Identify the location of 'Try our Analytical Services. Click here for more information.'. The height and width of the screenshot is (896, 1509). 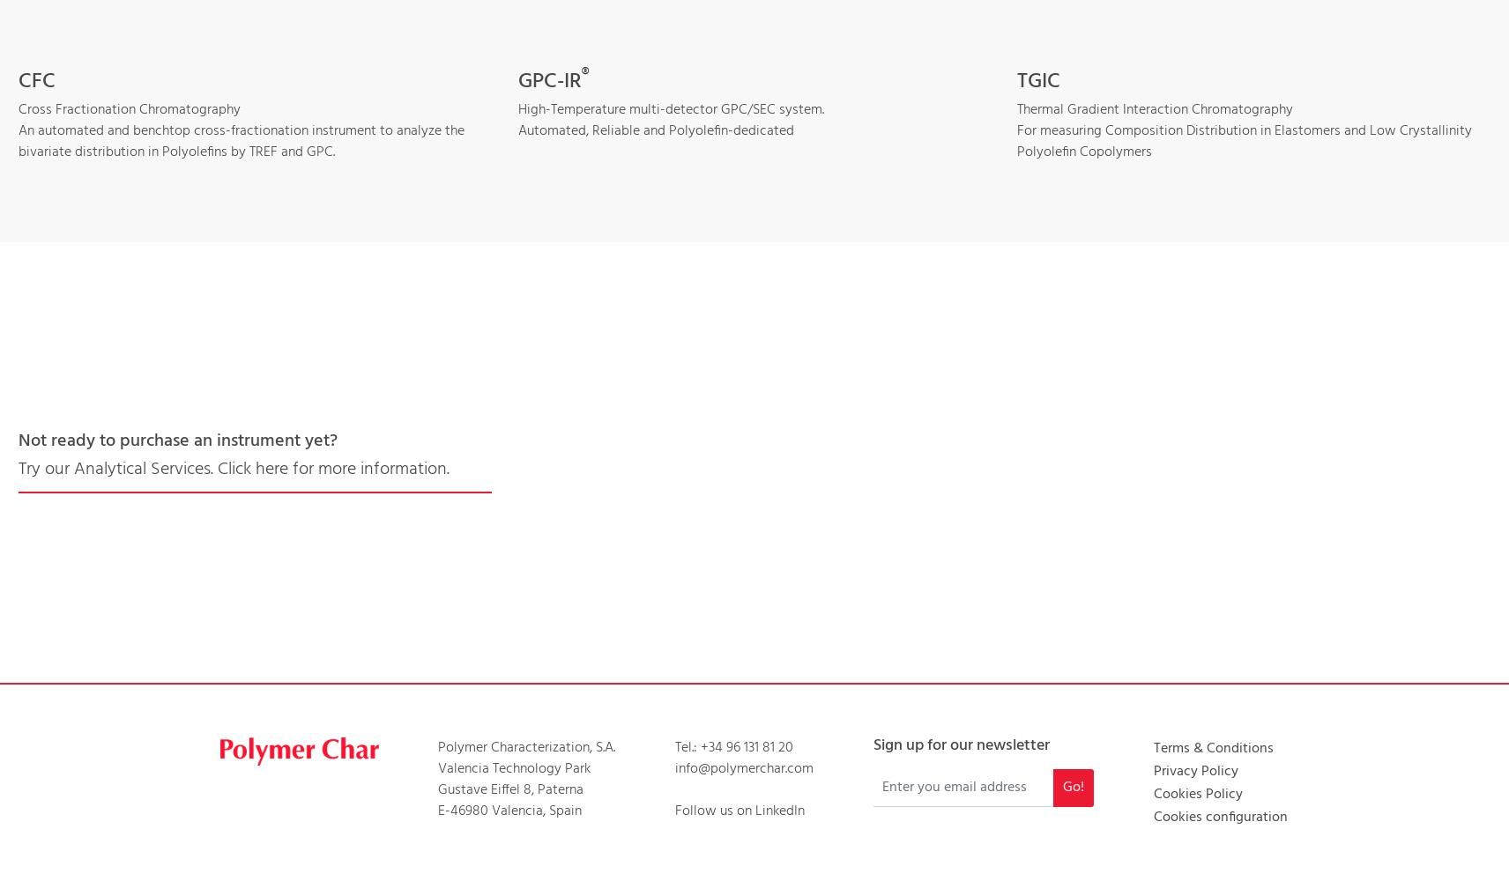
(234, 470).